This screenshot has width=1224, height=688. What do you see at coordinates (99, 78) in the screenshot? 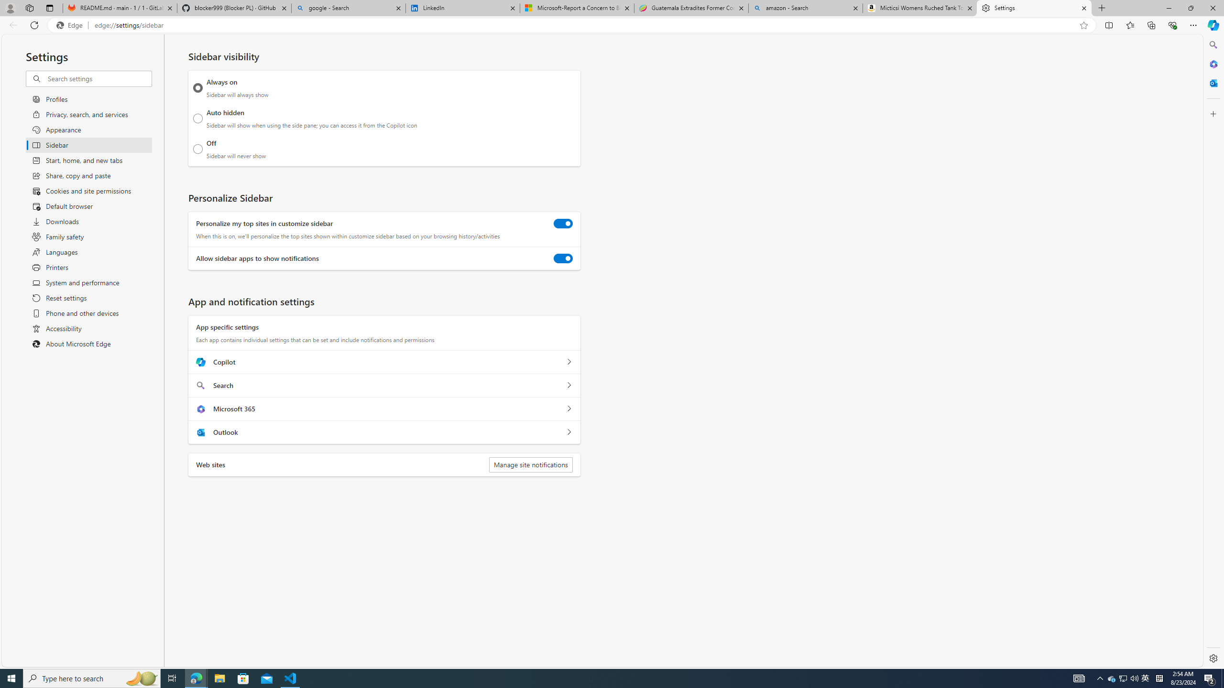
I see `'Search settings'` at bounding box center [99, 78].